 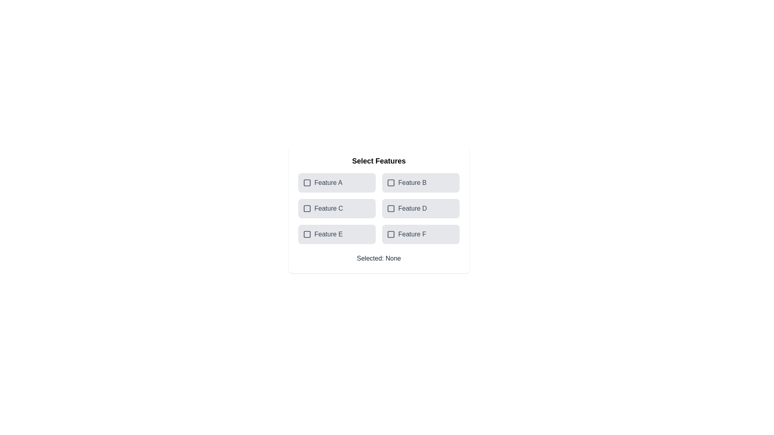 I want to click on the Checkbox icon located next to the text 'Feature C', so click(x=307, y=208).